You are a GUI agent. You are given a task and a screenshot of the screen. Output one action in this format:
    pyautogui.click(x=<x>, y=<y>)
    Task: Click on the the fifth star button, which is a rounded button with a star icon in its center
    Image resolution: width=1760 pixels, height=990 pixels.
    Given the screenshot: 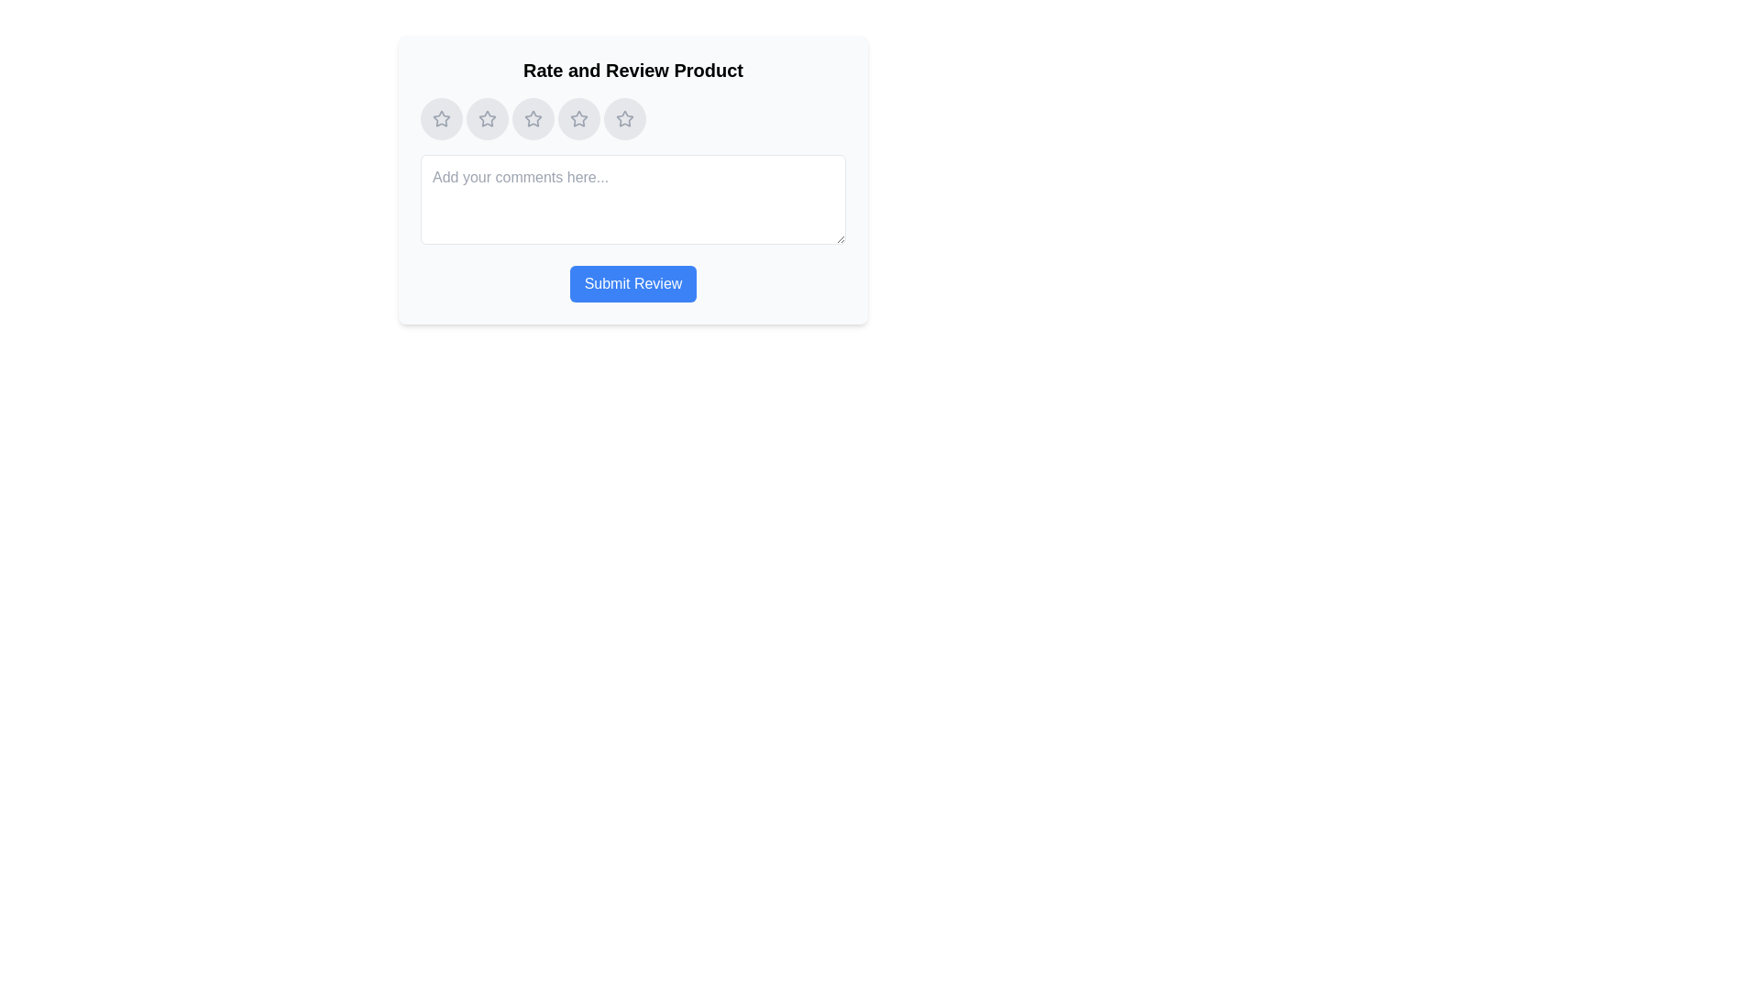 What is the action you would take?
    pyautogui.click(x=624, y=119)
    